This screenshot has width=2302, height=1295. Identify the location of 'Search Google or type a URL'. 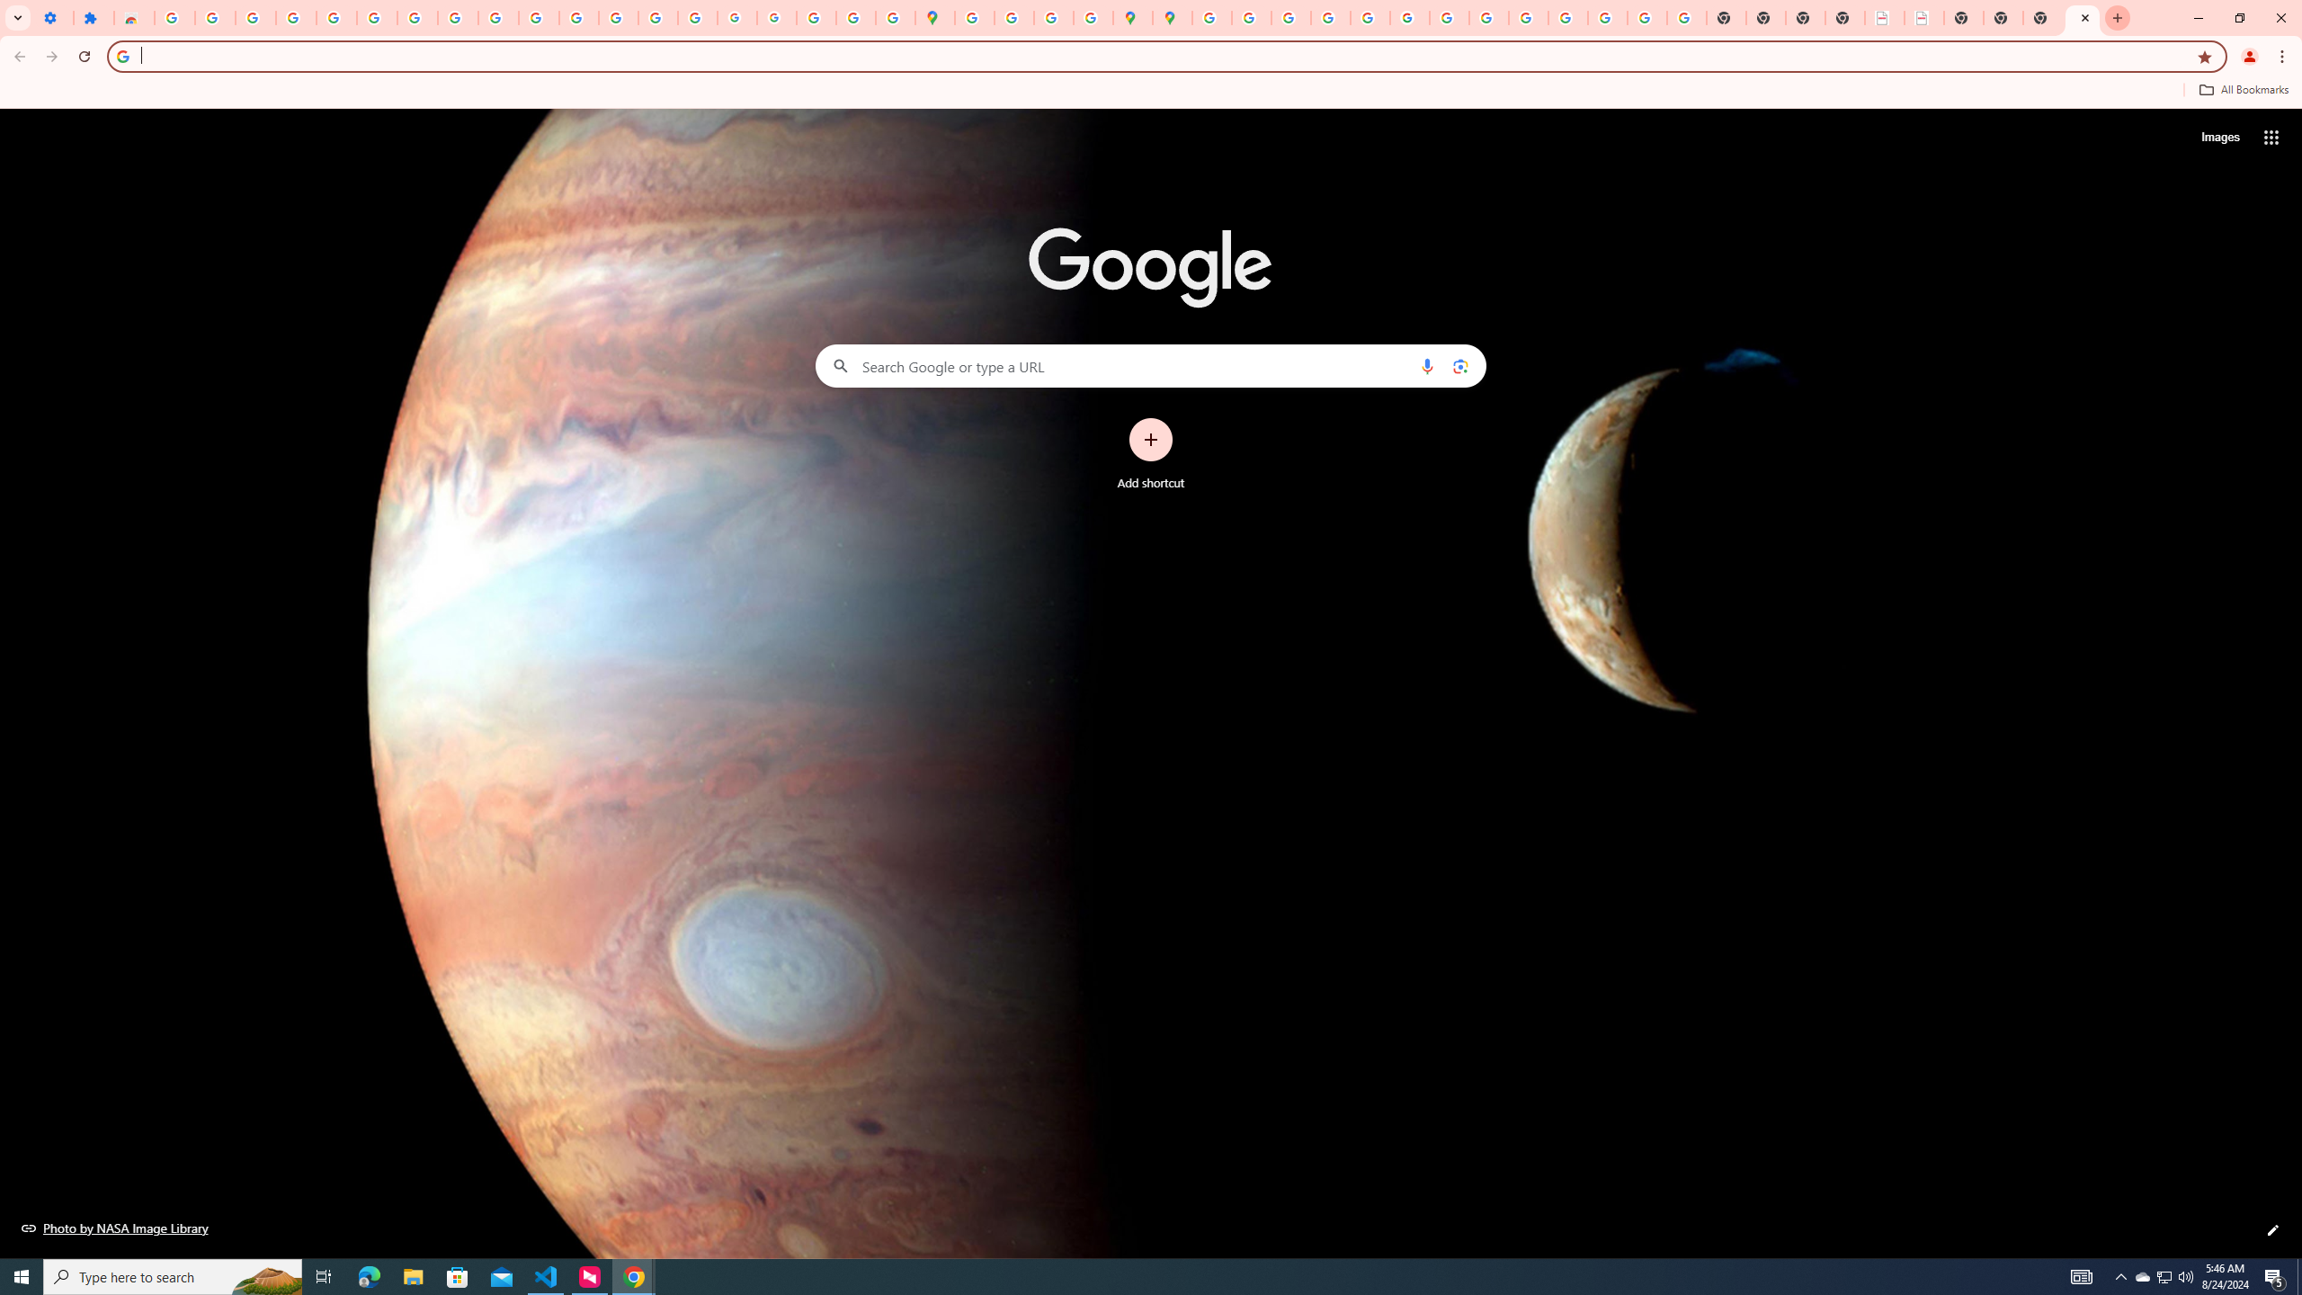
(1151, 364).